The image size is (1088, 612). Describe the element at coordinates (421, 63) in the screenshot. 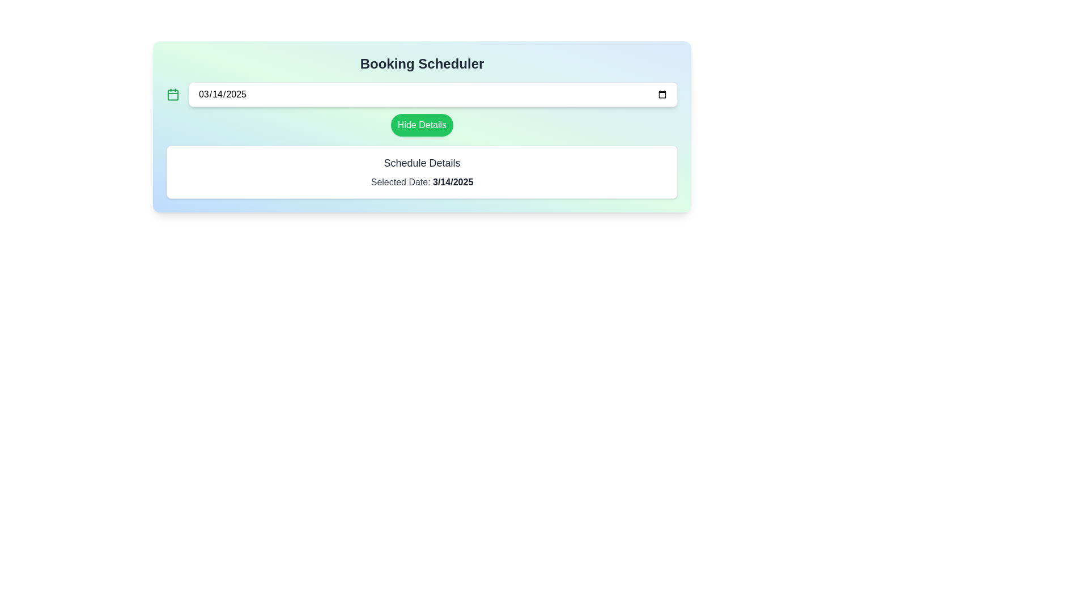

I see `text content of the 'Booking Scheduler' label, which is a bold, large, dark gray text centrally positioned at the top of a gradient-colored card interface` at that location.